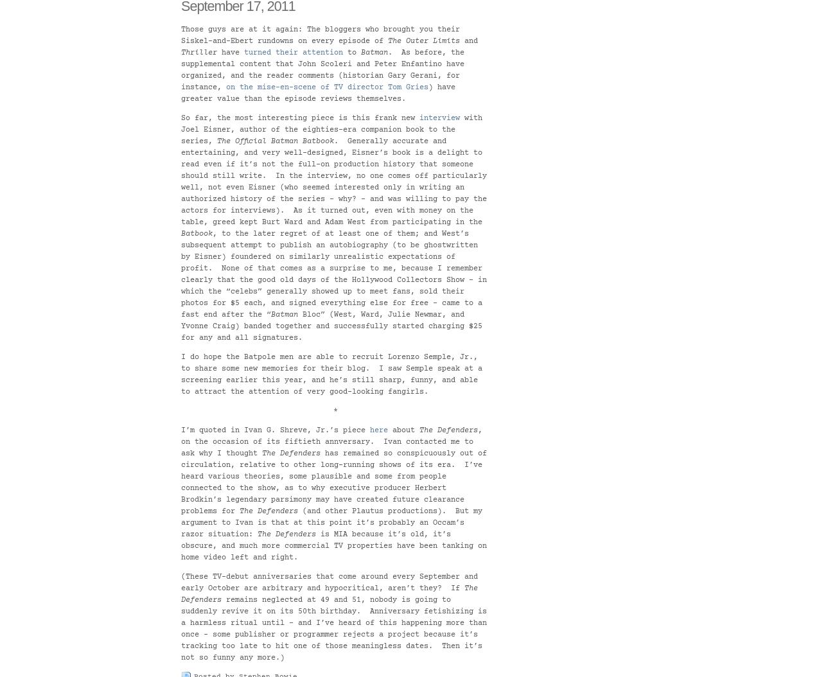  I want to click on 'interview', so click(439, 118).